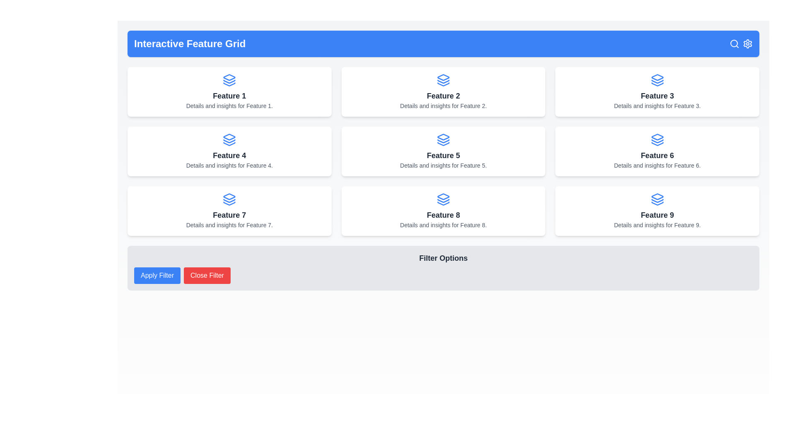 Image resolution: width=795 pixels, height=447 pixels. Describe the element at coordinates (657, 225) in the screenshot. I see `additional information text located at the bottom of the card labeled 'Feature 9' in the last column of the third row in the grid` at that location.